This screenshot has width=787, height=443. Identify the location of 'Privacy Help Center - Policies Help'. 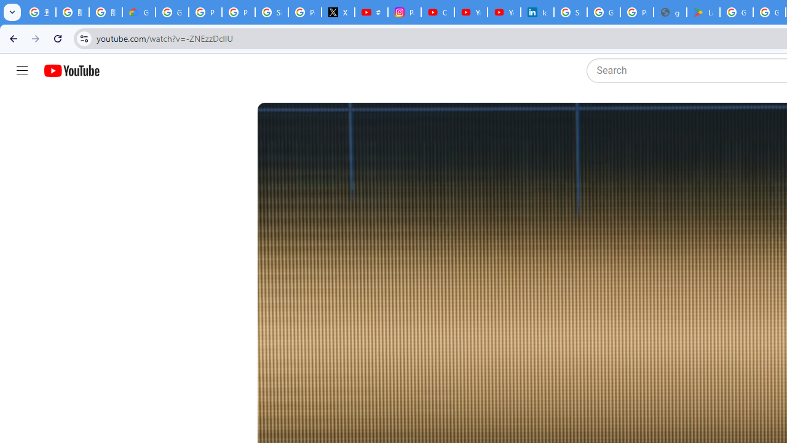
(238, 12).